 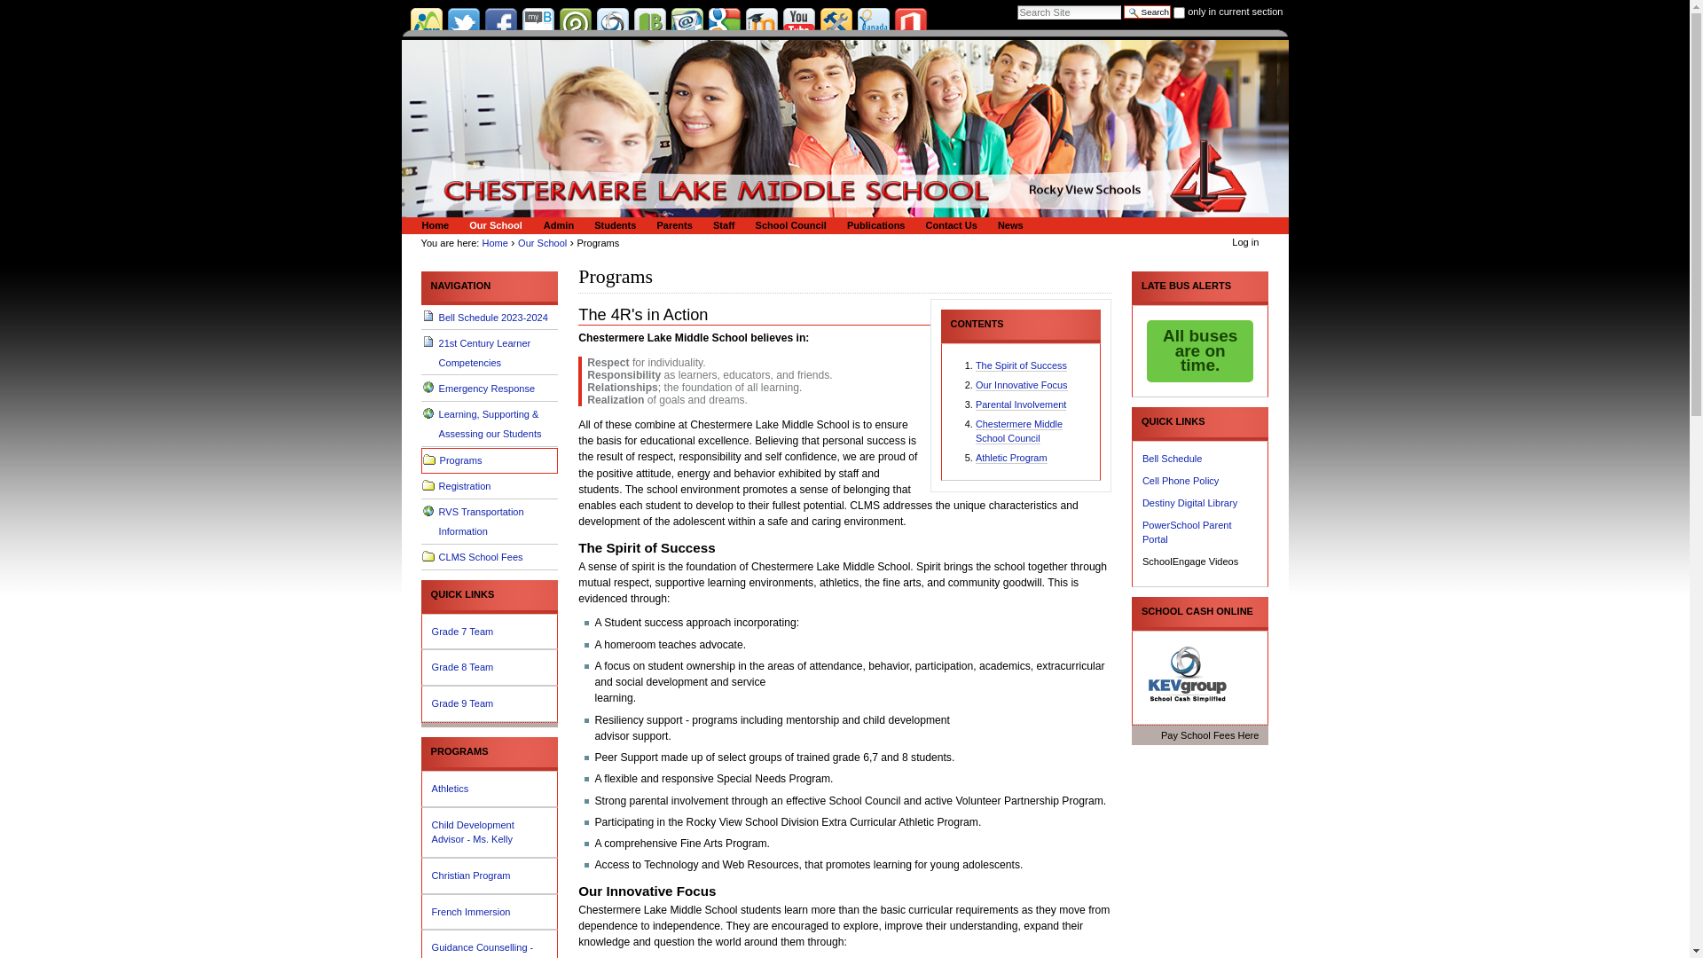 What do you see at coordinates (493, 224) in the screenshot?
I see `'Our School'` at bounding box center [493, 224].